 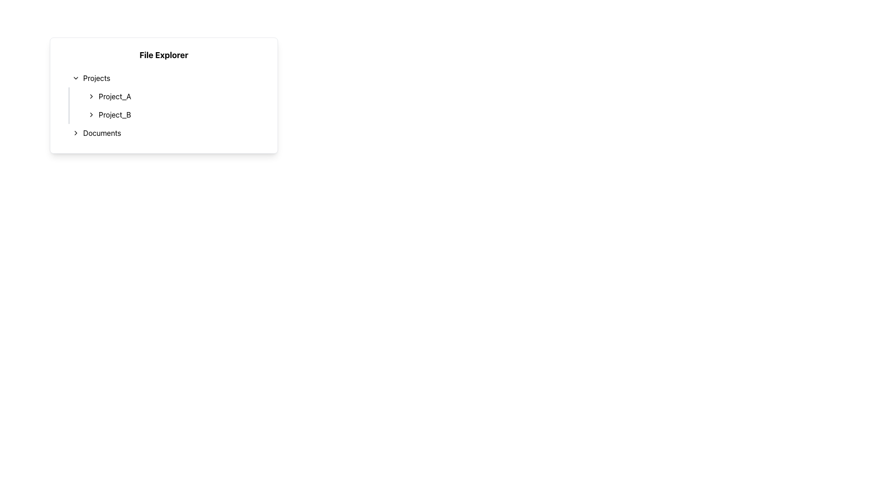 What do you see at coordinates (114, 114) in the screenshot?
I see `the 'Project_B' text label in the 'File Explorer' to visually indicate its presence` at bounding box center [114, 114].